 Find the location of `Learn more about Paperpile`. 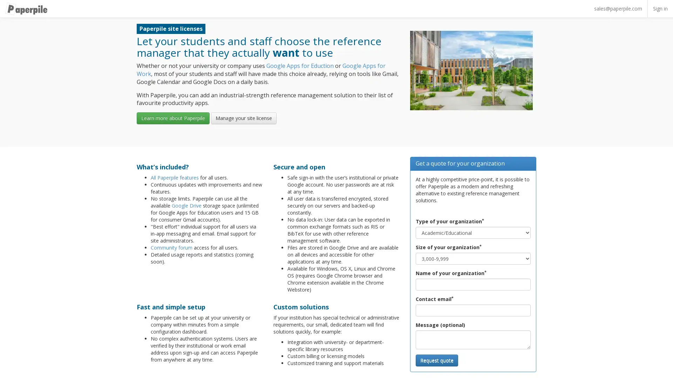

Learn more about Paperpile is located at coordinates (173, 118).